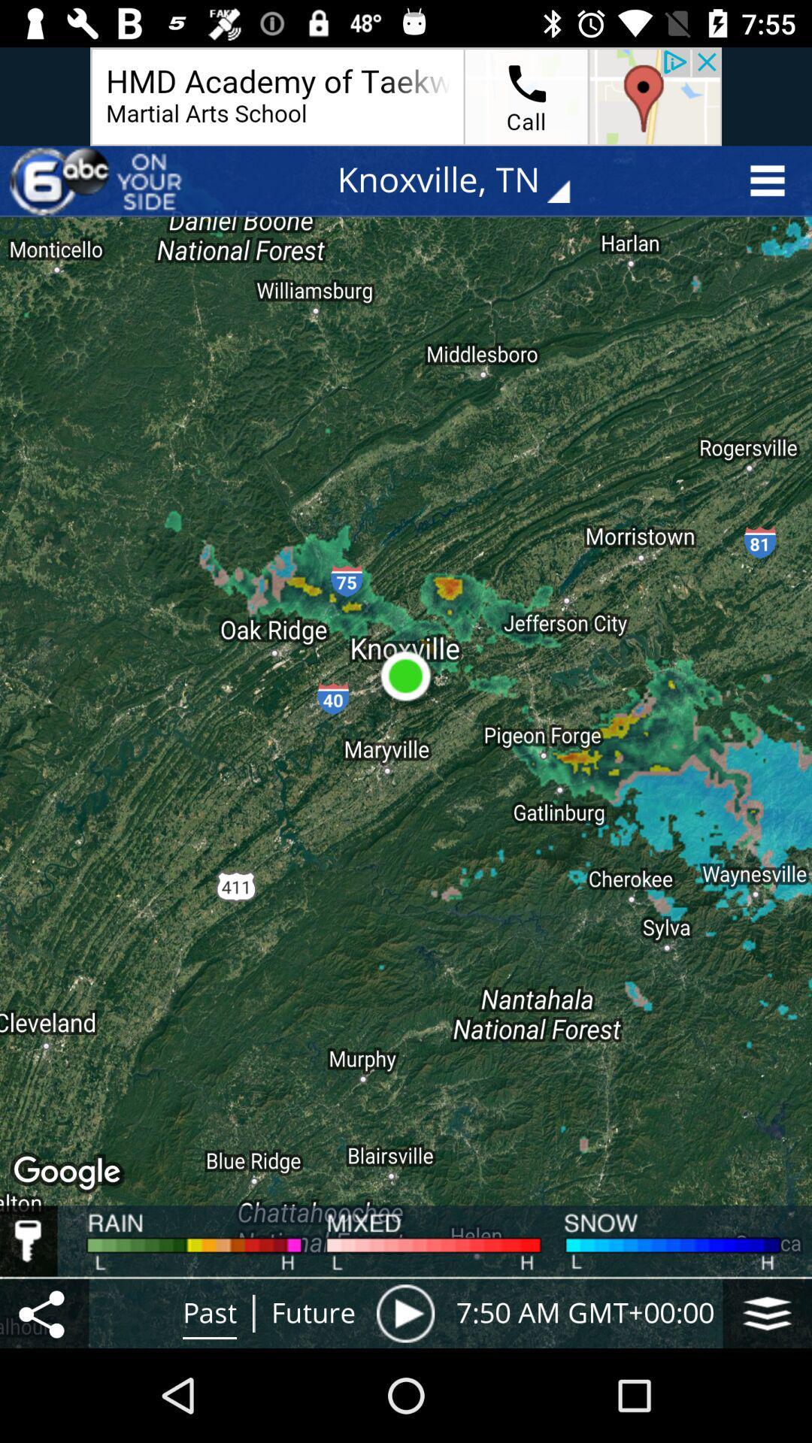  What do you see at coordinates (406, 1312) in the screenshot?
I see `play icon which is at the right side of future` at bounding box center [406, 1312].